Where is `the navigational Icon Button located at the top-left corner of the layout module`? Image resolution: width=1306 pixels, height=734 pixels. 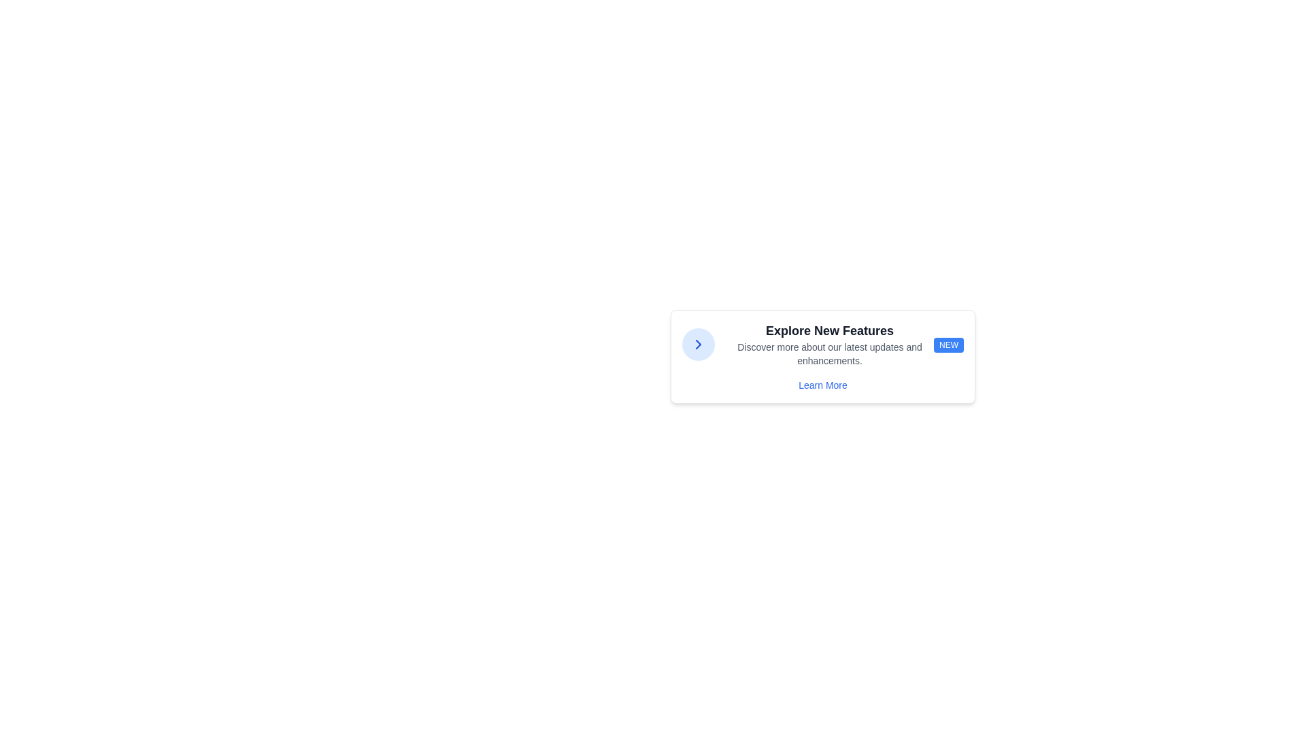 the navigational Icon Button located at the top-left corner of the layout module is located at coordinates (699, 343).